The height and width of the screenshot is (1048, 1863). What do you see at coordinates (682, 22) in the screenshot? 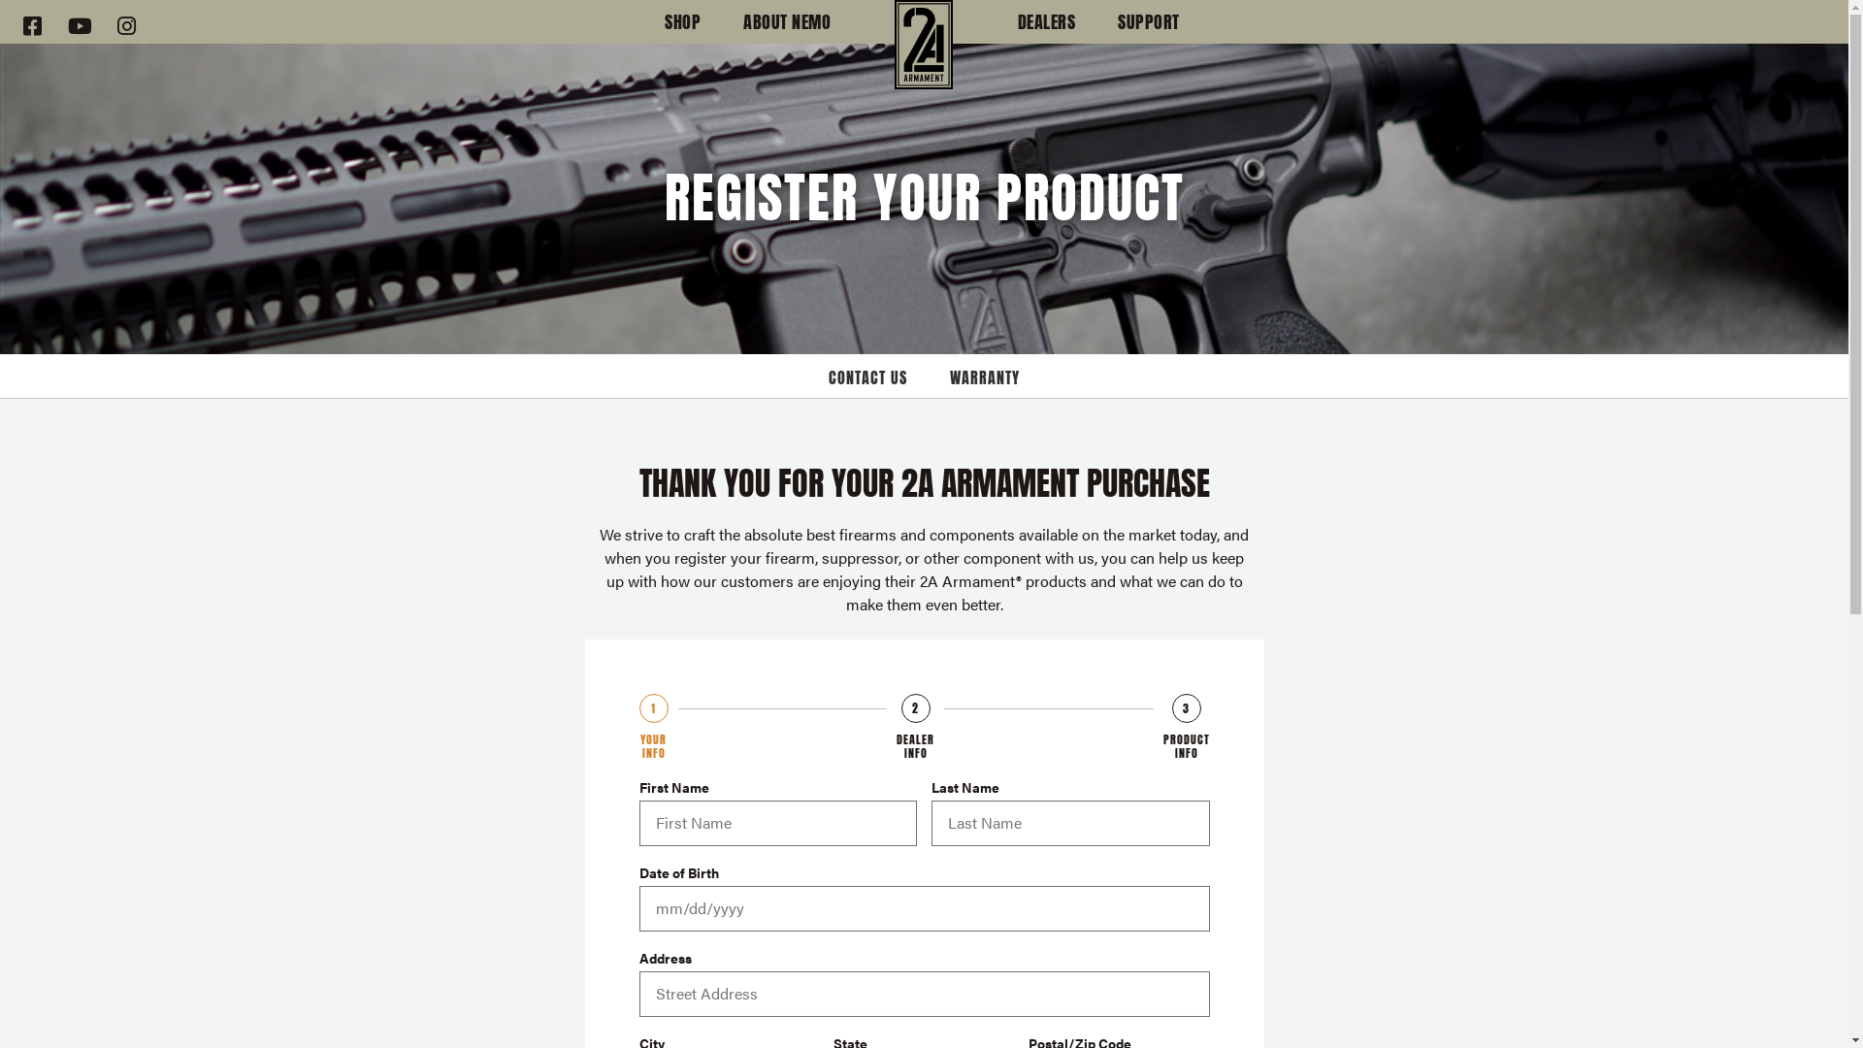
I see `'SHOP'` at bounding box center [682, 22].